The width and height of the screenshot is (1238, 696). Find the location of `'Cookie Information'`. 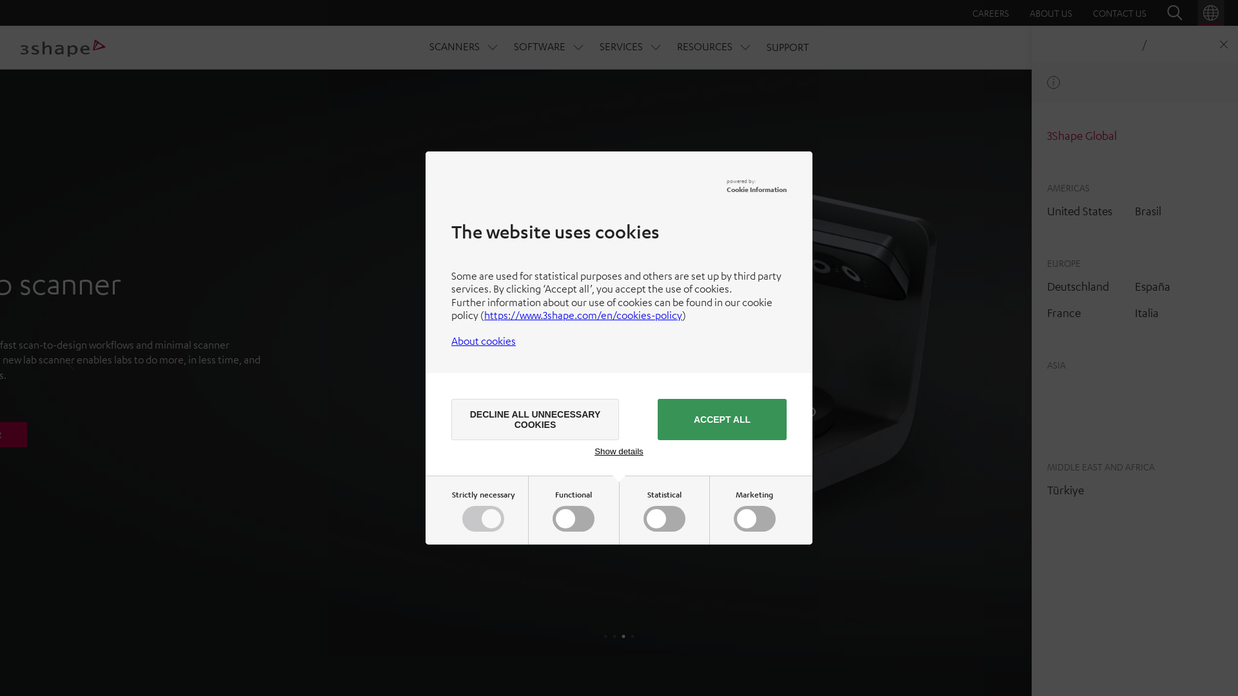

'Cookie Information' is located at coordinates (756, 189).